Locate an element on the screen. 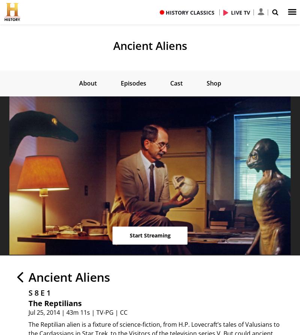  'LIVE TV' is located at coordinates (231, 12).